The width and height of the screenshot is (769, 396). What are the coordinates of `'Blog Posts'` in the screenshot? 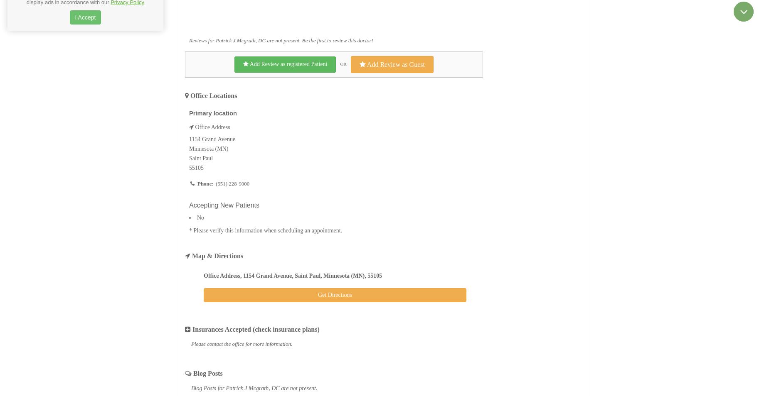 It's located at (207, 373).